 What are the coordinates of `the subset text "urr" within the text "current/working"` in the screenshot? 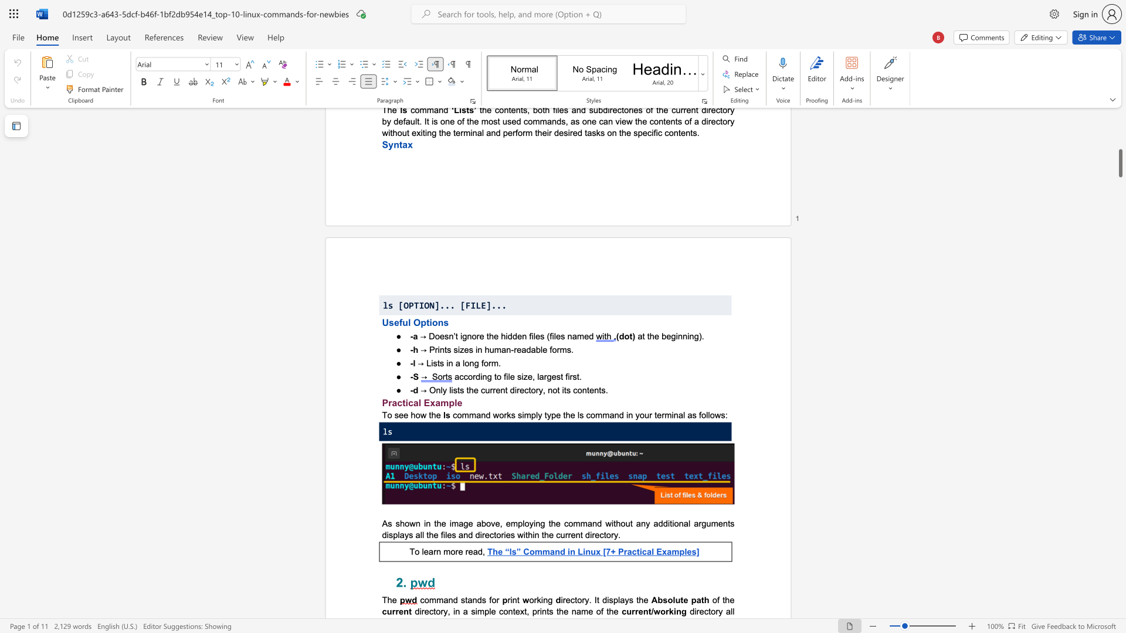 It's located at (626, 611).